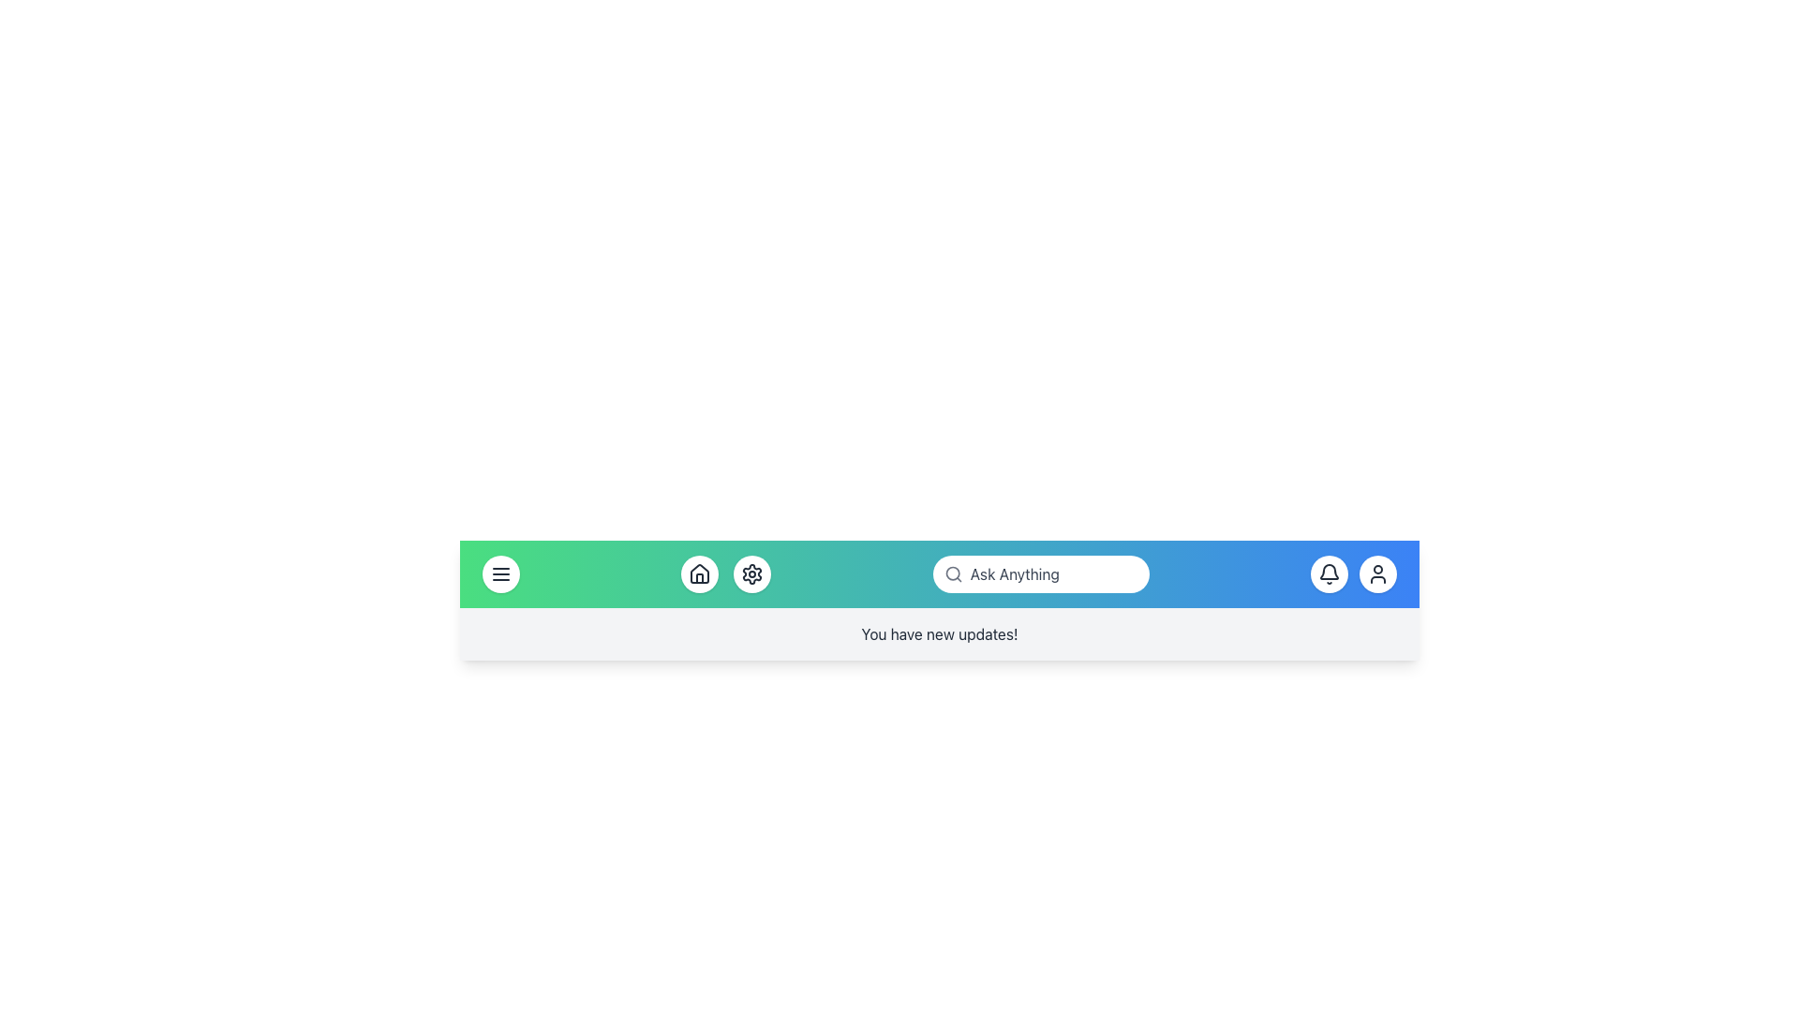 This screenshot has height=1012, width=1799. What do you see at coordinates (1377, 573) in the screenshot?
I see `the circular button with a white background and light blue border, featuring a black user silhouette icon, located on the far-right side of the top navigation bar` at bounding box center [1377, 573].